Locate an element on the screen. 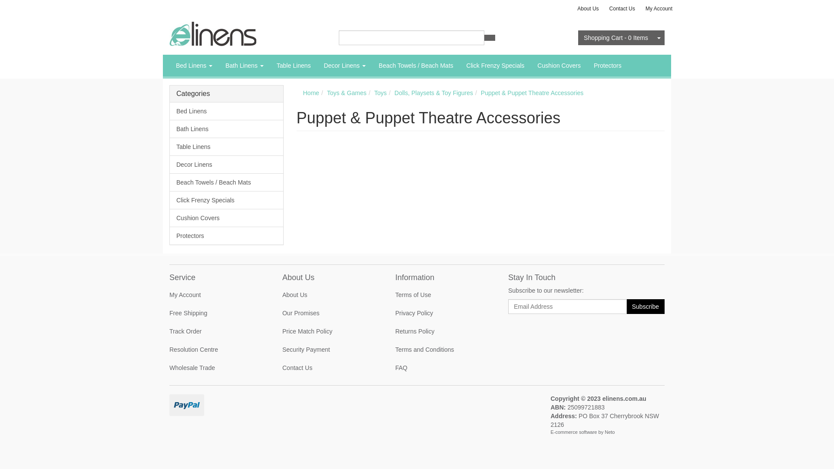  'FAQ' is located at coordinates (442, 368).